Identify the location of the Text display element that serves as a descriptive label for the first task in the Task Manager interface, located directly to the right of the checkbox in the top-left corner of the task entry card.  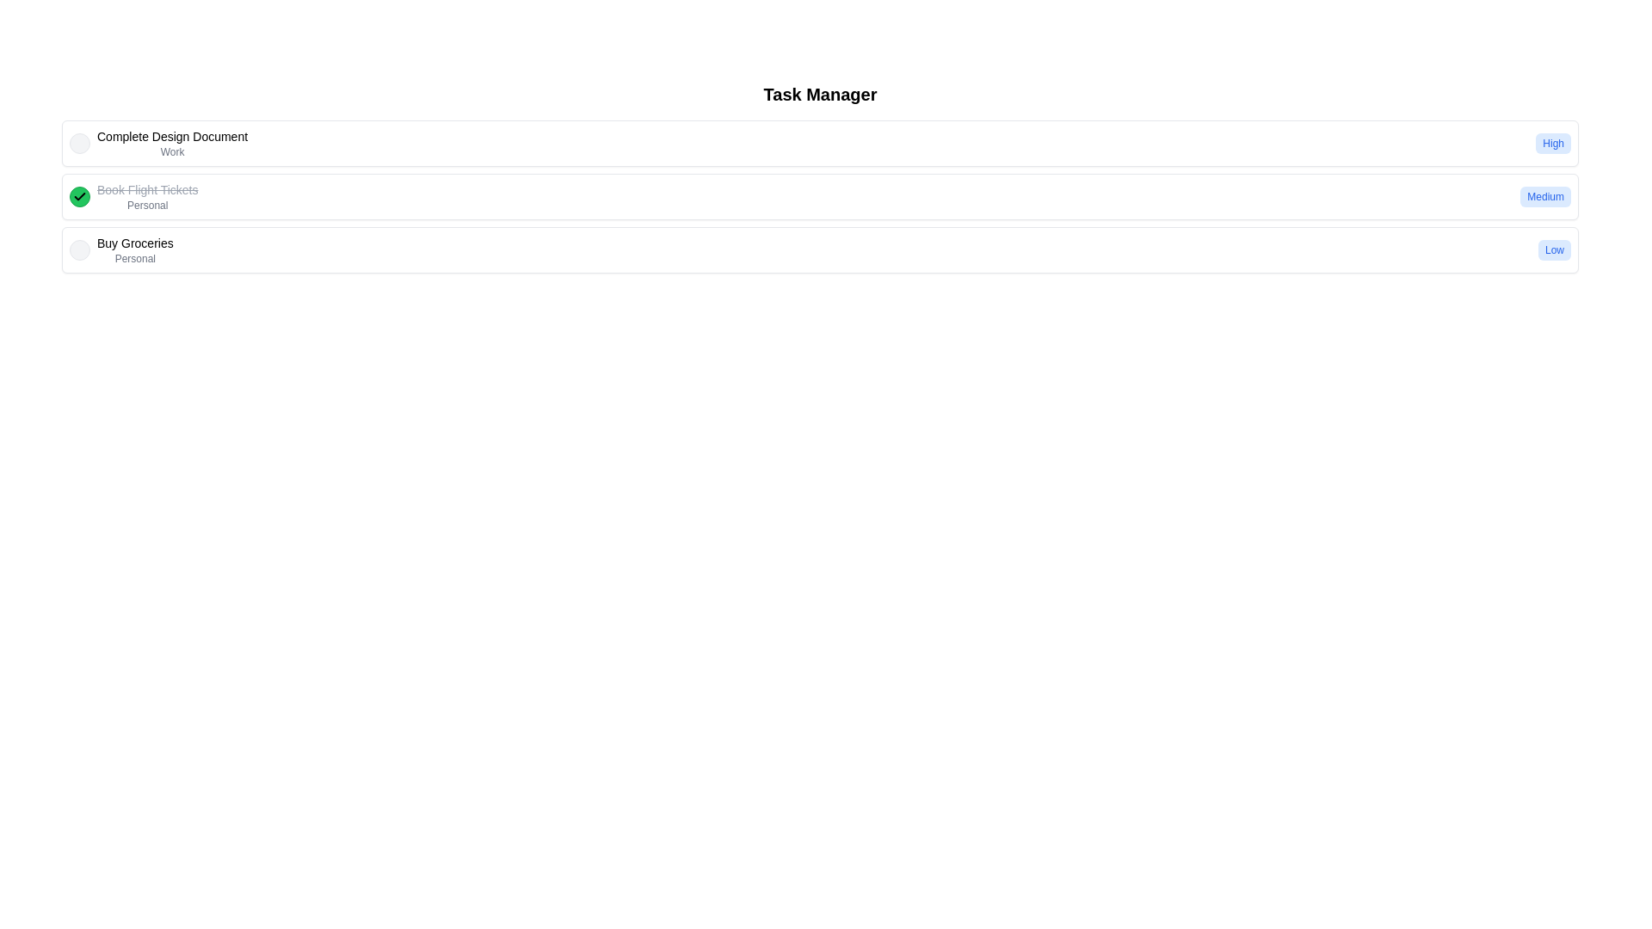
(158, 142).